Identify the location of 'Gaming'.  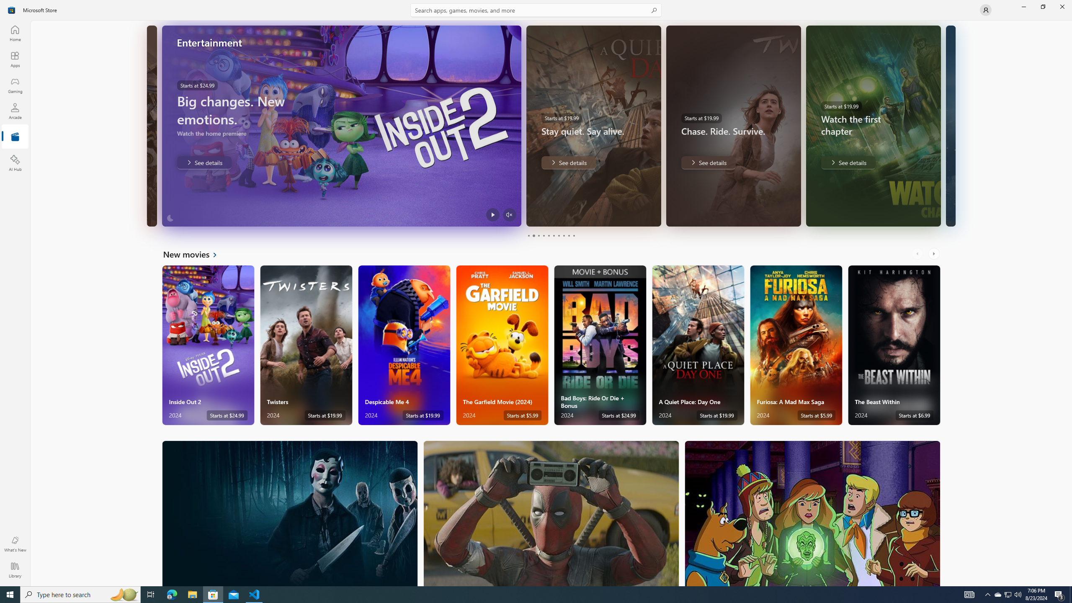
(14, 85).